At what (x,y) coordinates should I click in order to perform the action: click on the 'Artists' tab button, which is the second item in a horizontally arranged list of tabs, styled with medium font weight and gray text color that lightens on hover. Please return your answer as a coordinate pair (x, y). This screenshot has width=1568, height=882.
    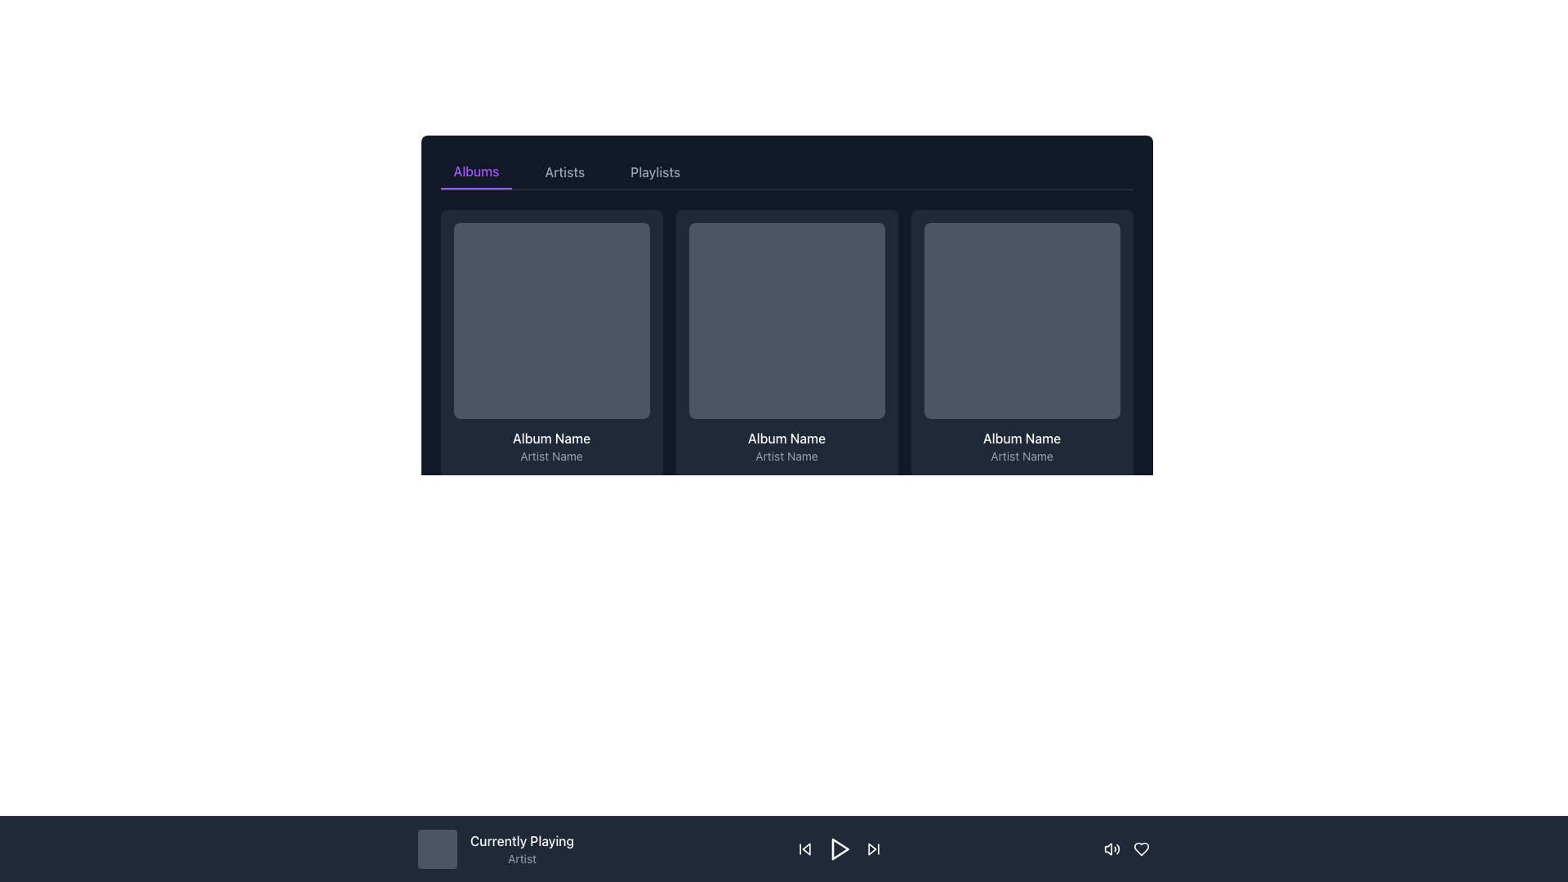
    Looking at the image, I should click on (564, 172).